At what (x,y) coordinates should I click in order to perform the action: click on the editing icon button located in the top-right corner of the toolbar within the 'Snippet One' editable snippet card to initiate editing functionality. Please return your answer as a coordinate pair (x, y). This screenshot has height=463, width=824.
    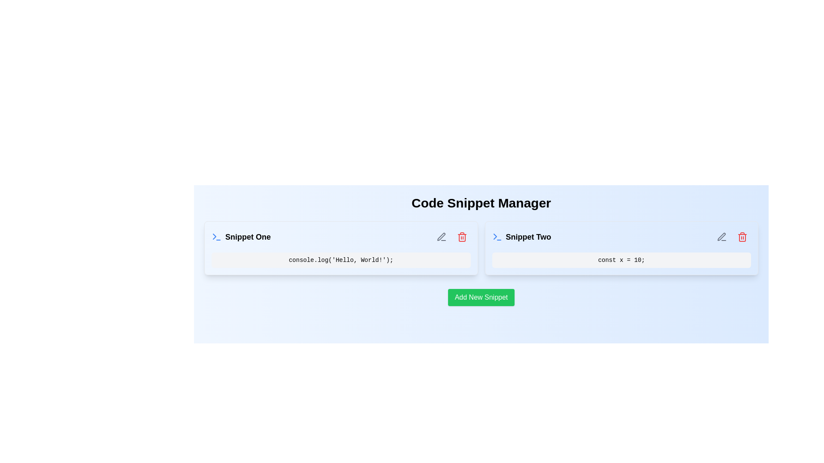
    Looking at the image, I should click on (441, 237).